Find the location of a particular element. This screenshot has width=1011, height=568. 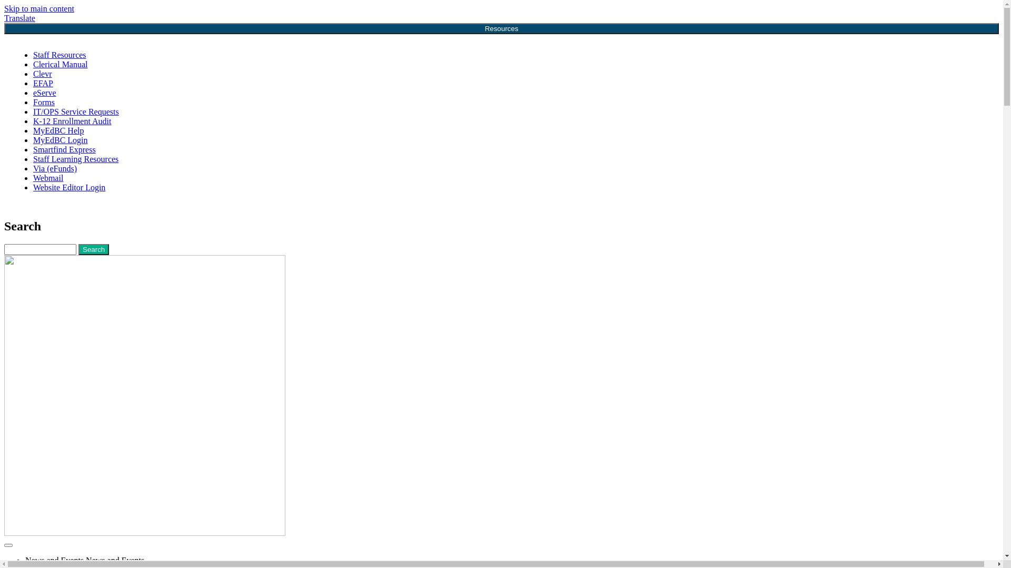

'Search' is located at coordinates (93, 249).